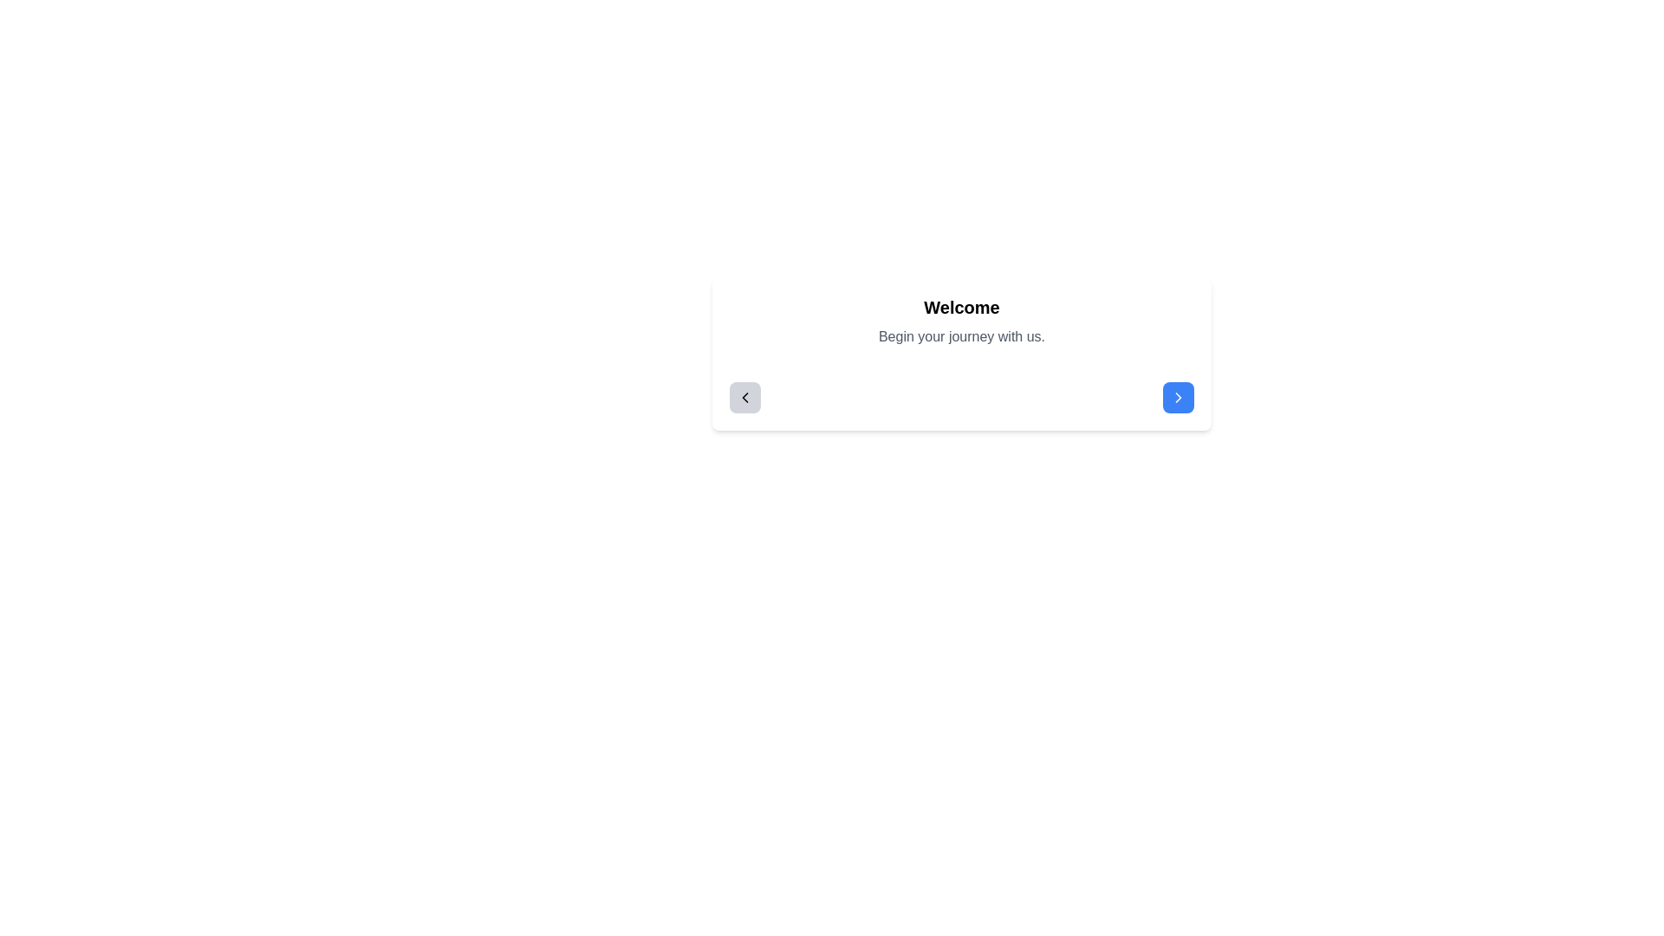  What do you see at coordinates (1178, 398) in the screenshot?
I see `the Icon (Chevron Right), which serves as a navigation arrow for rightward progression within the interface, located in the bottom-right corner of the card containing a welcome message` at bounding box center [1178, 398].